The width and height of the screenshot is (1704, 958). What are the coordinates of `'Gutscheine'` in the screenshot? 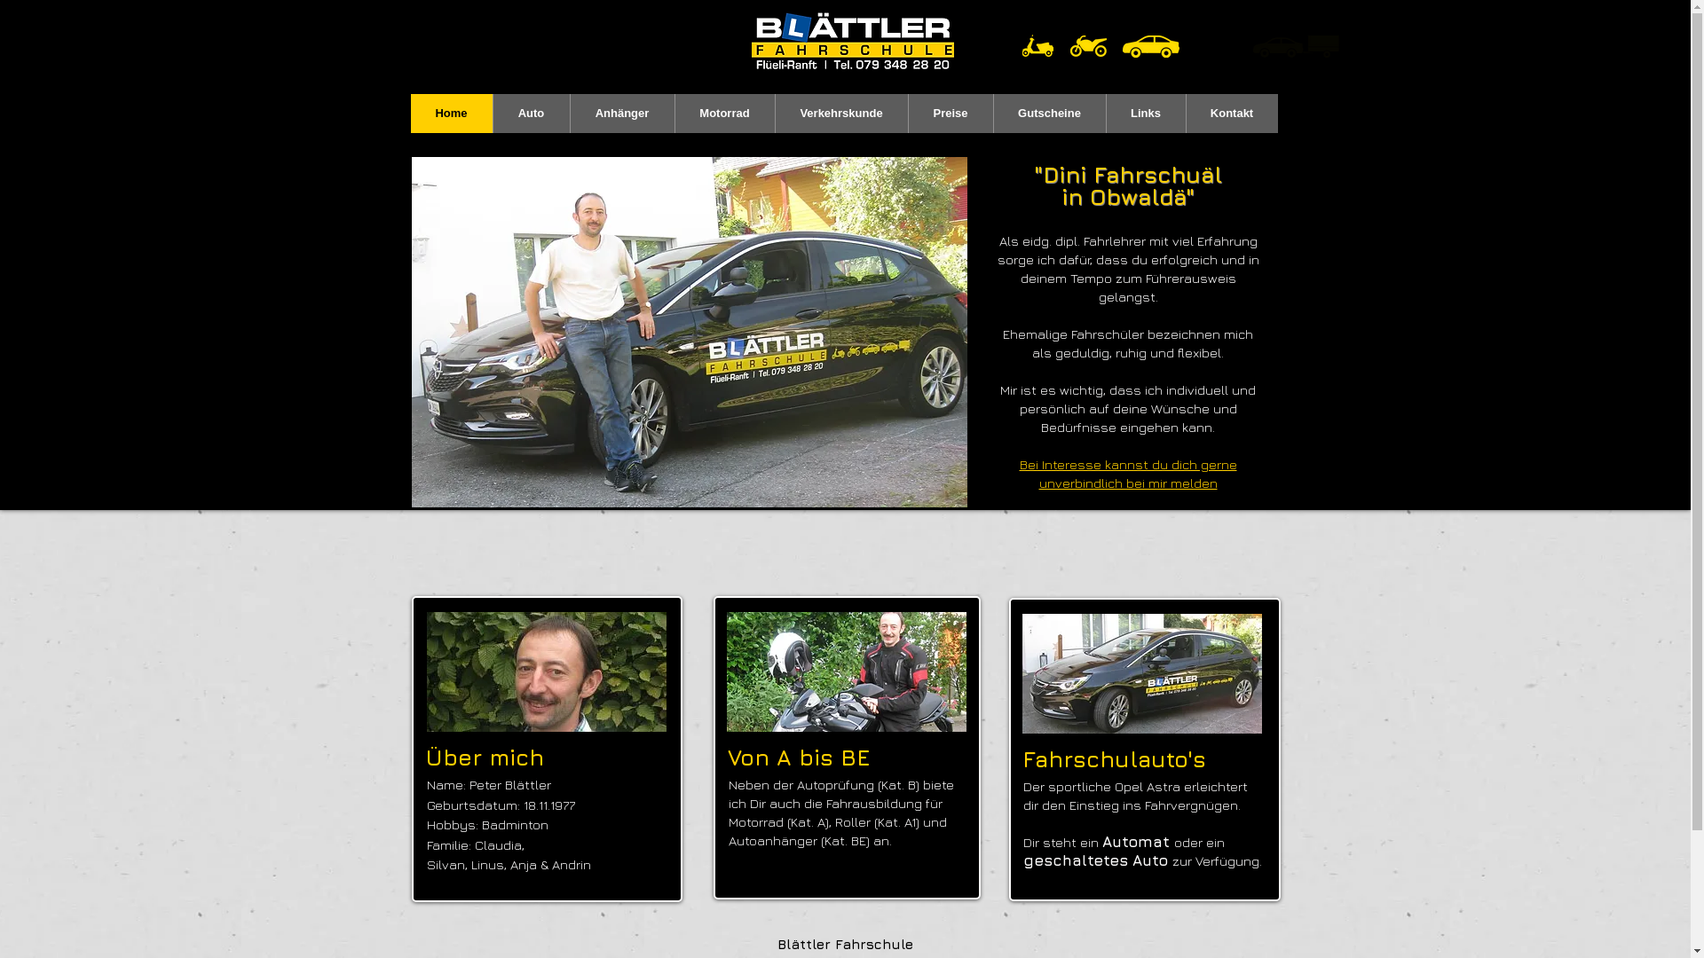 It's located at (1048, 113).